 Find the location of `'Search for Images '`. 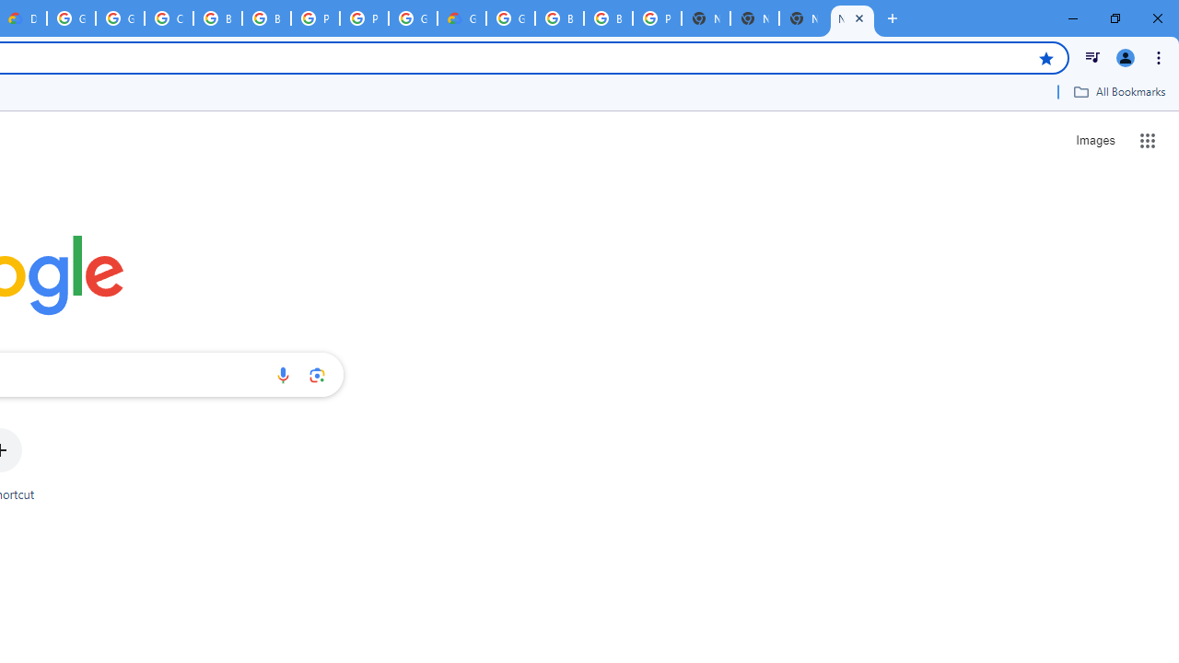

'Search for Images ' is located at coordinates (1095, 140).